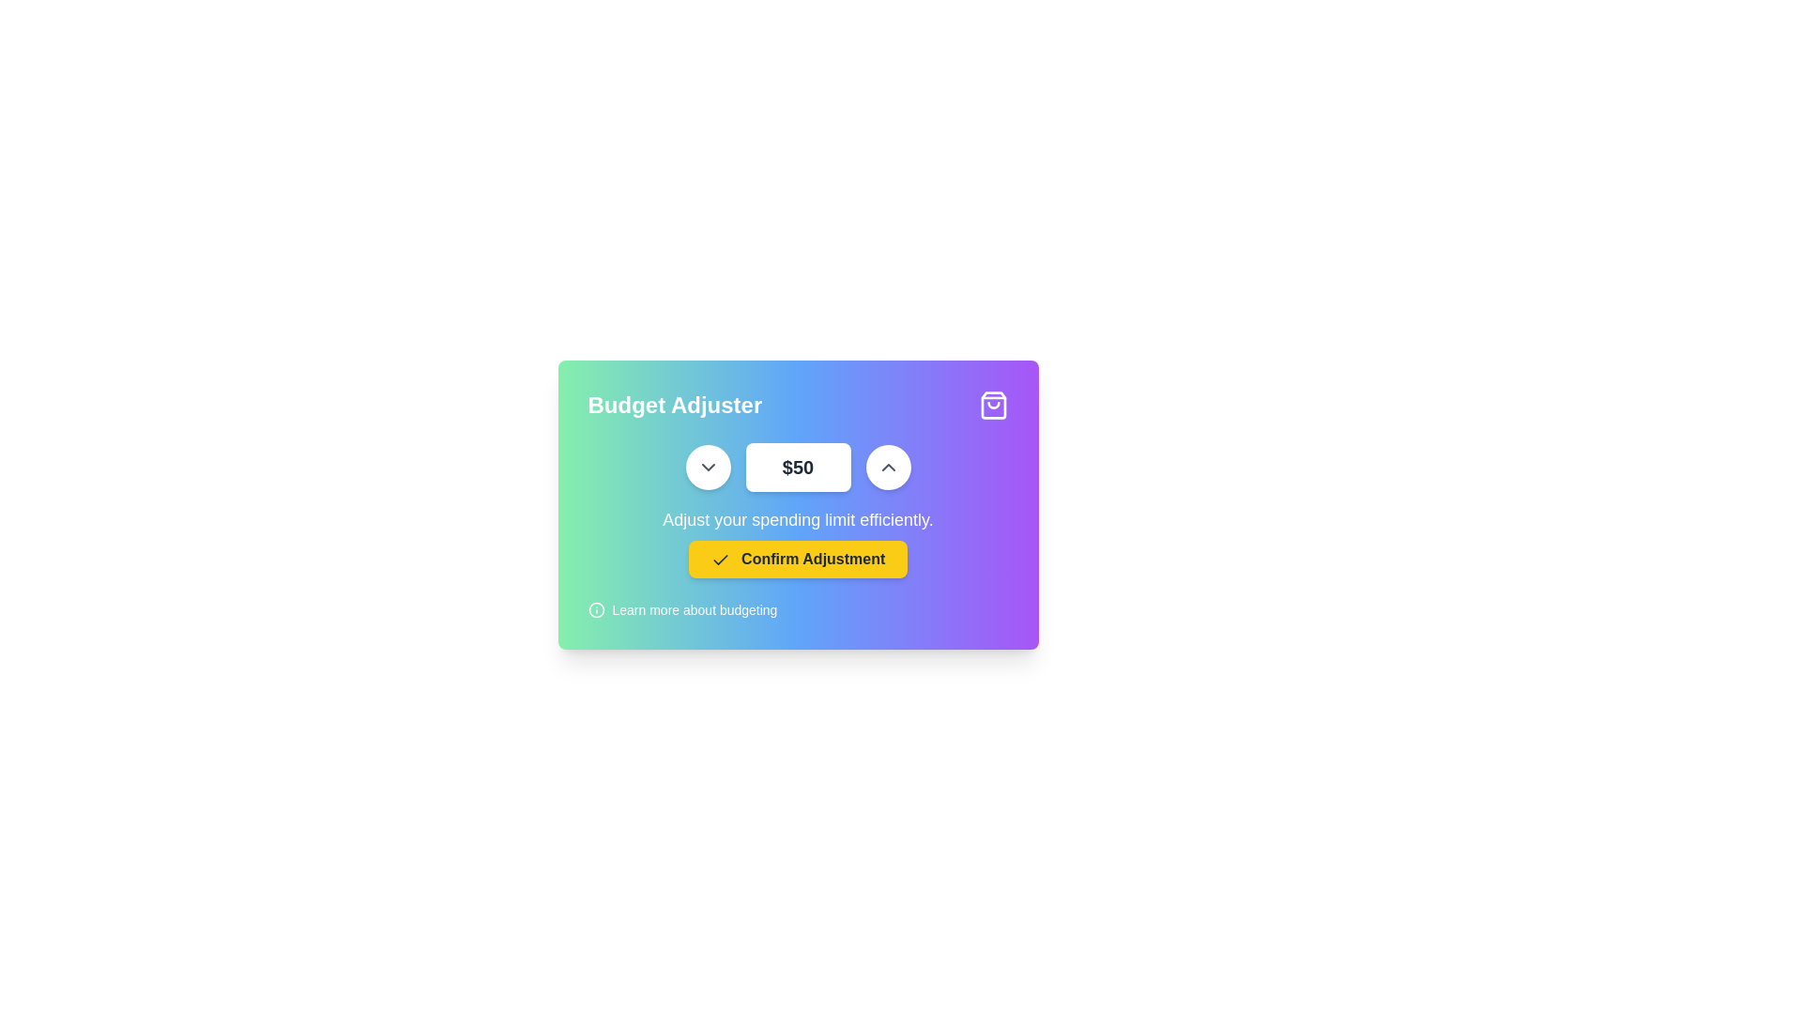 The image size is (1802, 1014). I want to click on heading text 'Adjust your spending limit efficiently.' above the 'Confirm Adjustment' button, which is located at the bottom of the card layout, so click(798, 543).